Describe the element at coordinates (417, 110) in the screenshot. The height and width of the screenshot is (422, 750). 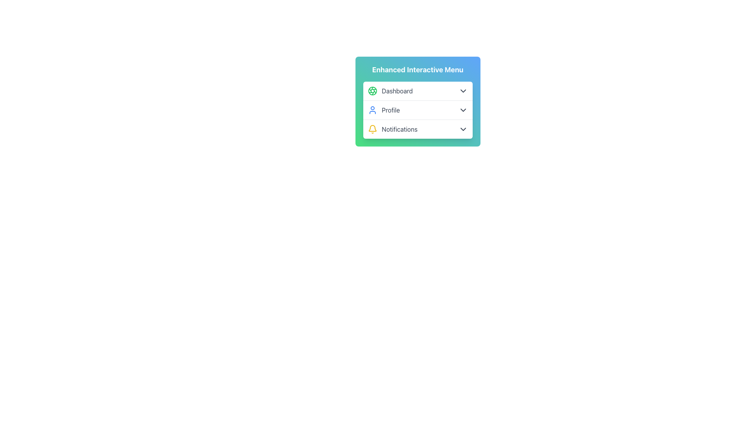
I see `the 'Profile' option` at that location.